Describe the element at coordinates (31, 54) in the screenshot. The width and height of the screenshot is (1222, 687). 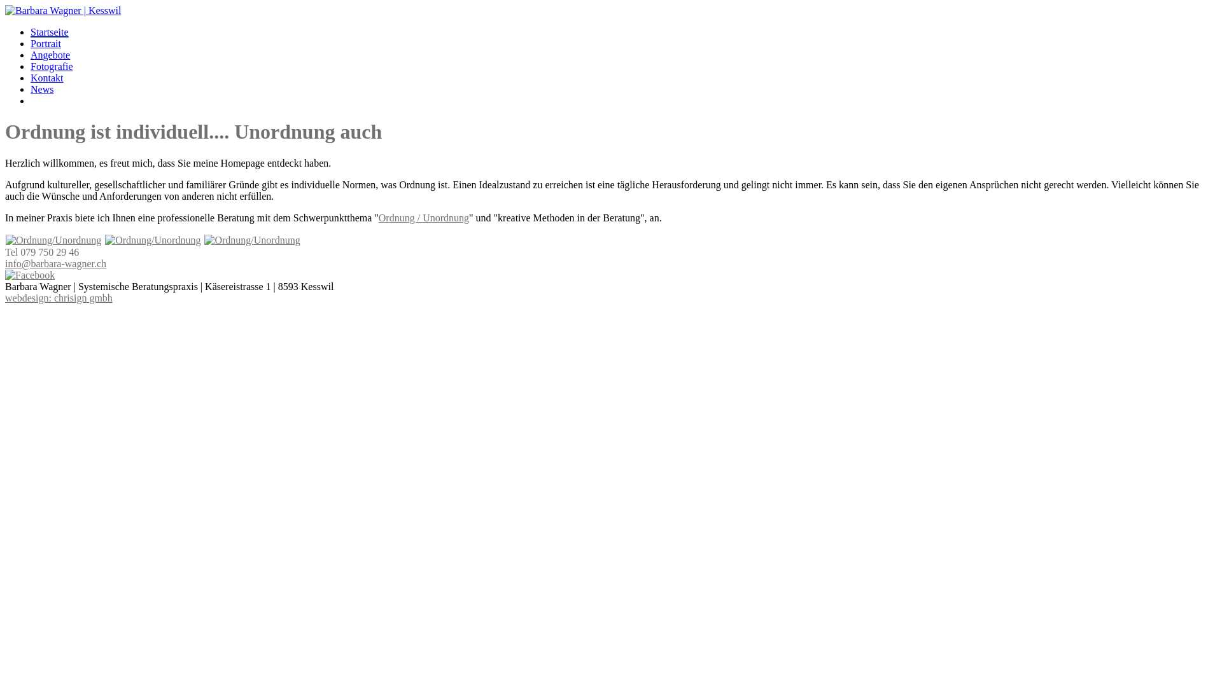
I see `'Angebote'` at that location.